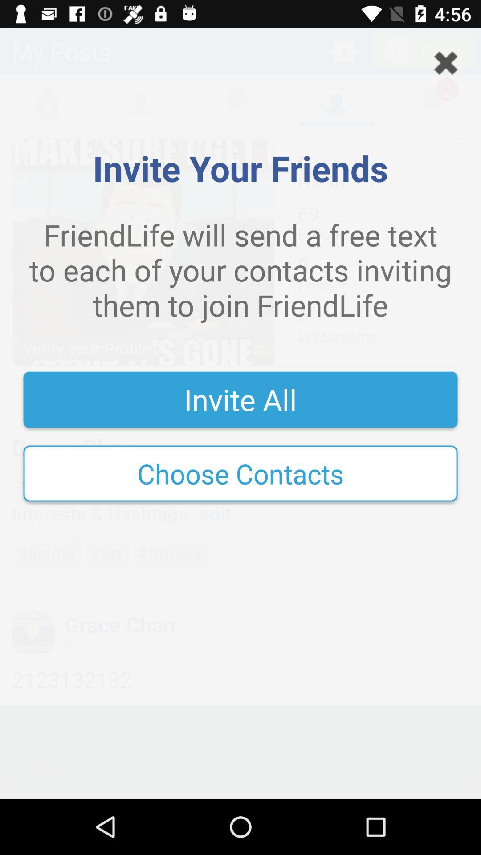  Describe the element at coordinates (240, 473) in the screenshot. I see `choose contacts icon` at that location.